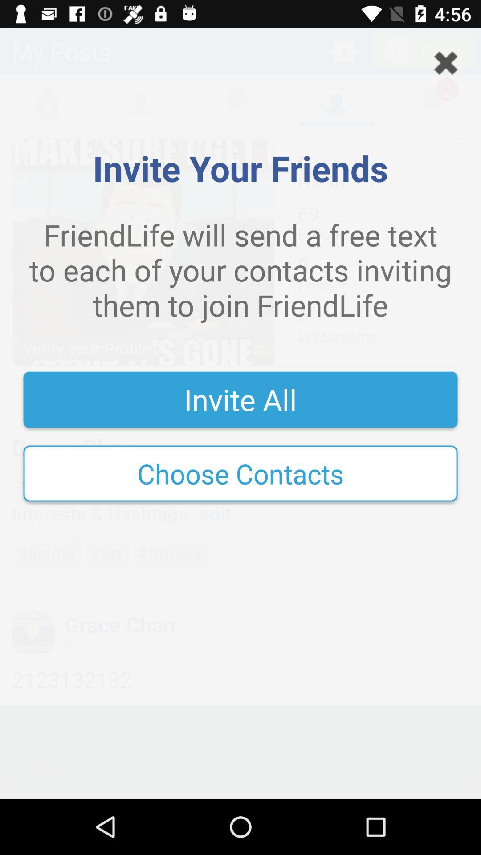  Describe the element at coordinates (240, 473) in the screenshot. I see `choose contacts icon` at that location.